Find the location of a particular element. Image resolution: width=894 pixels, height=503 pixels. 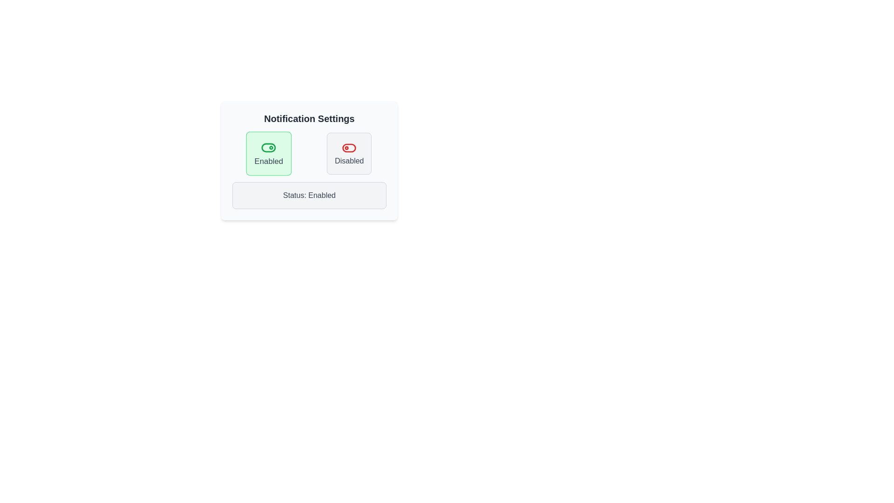

the green 'Enabled' button with rounded corners is located at coordinates (268, 153).